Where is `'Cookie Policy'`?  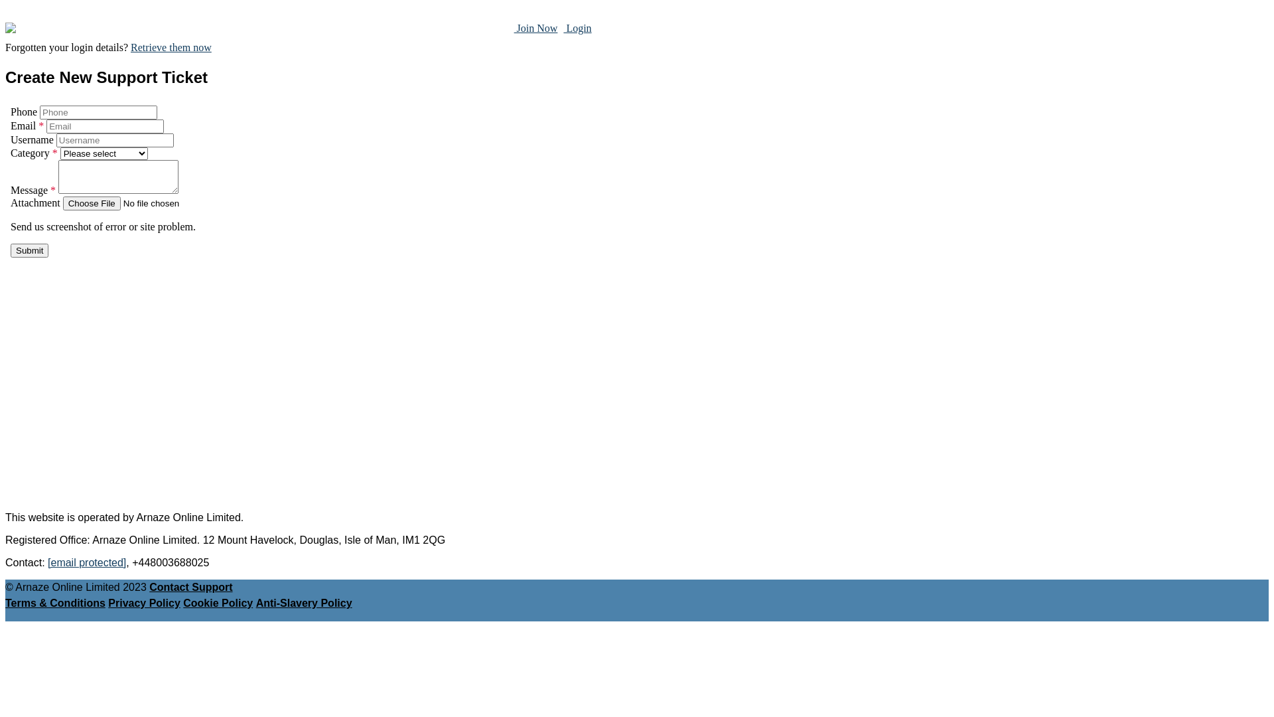
'Cookie Policy' is located at coordinates (218, 603).